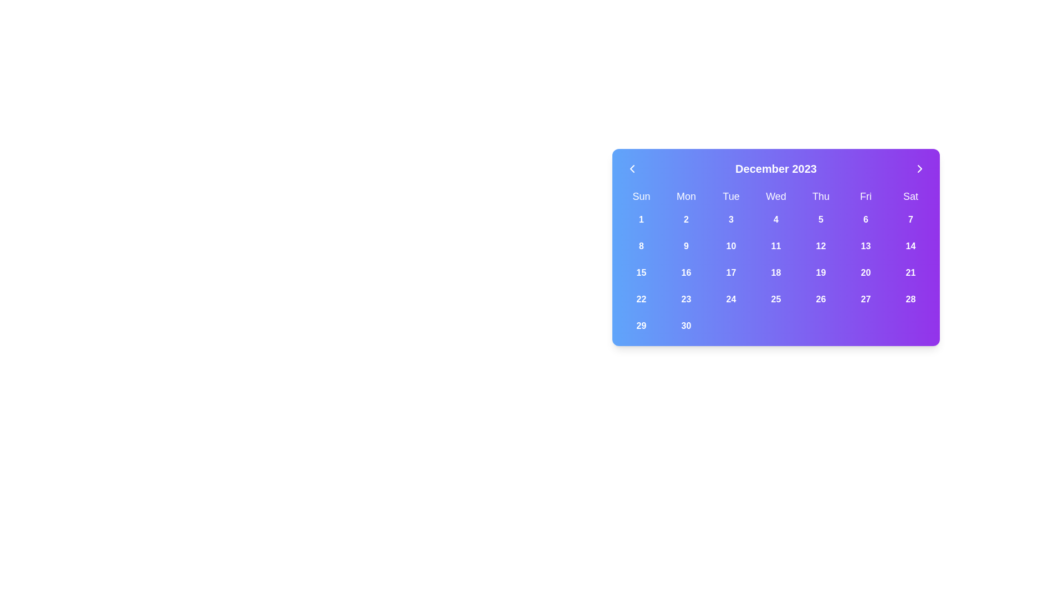  I want to click on the button corresponding to the date '6' in the calendar grid, located under the column labeled 'Fri', so click(865, 220).